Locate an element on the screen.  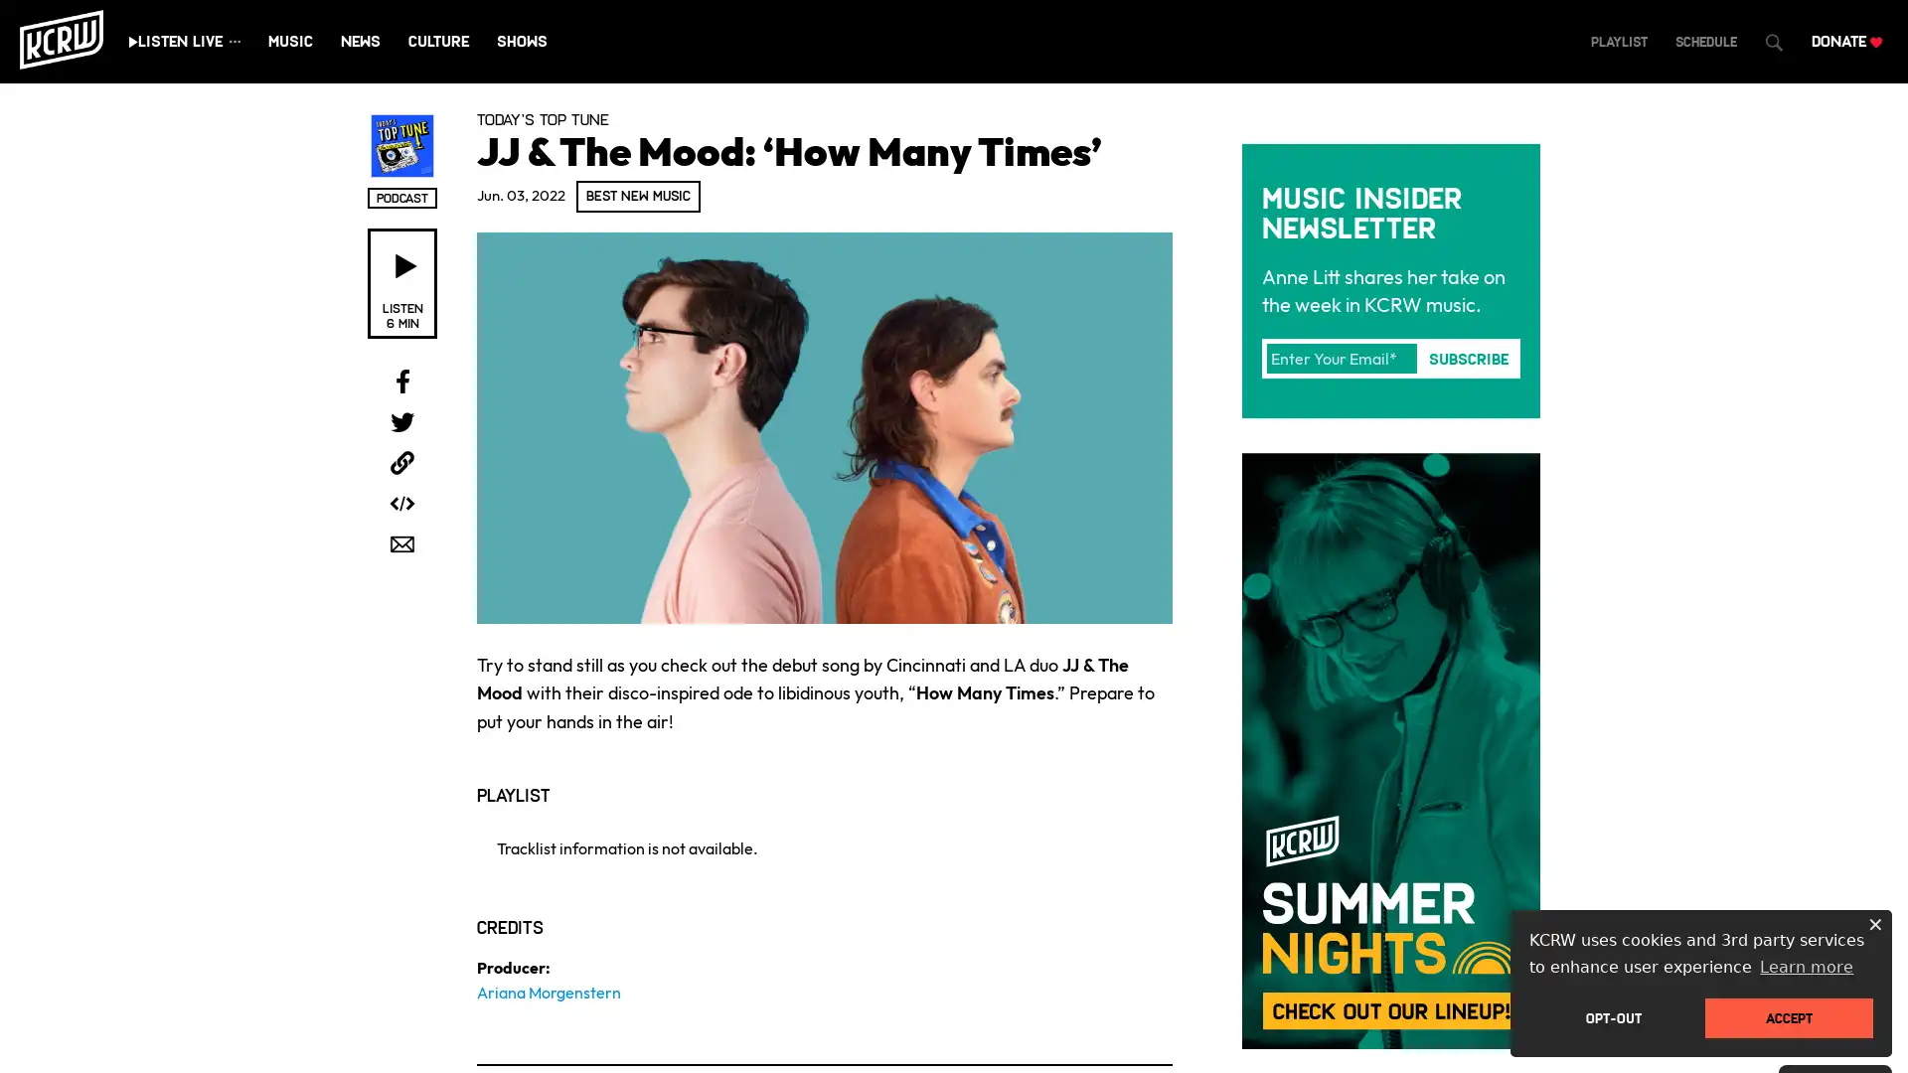
dismiss cookie message is located at coordinates (1788, 1017).